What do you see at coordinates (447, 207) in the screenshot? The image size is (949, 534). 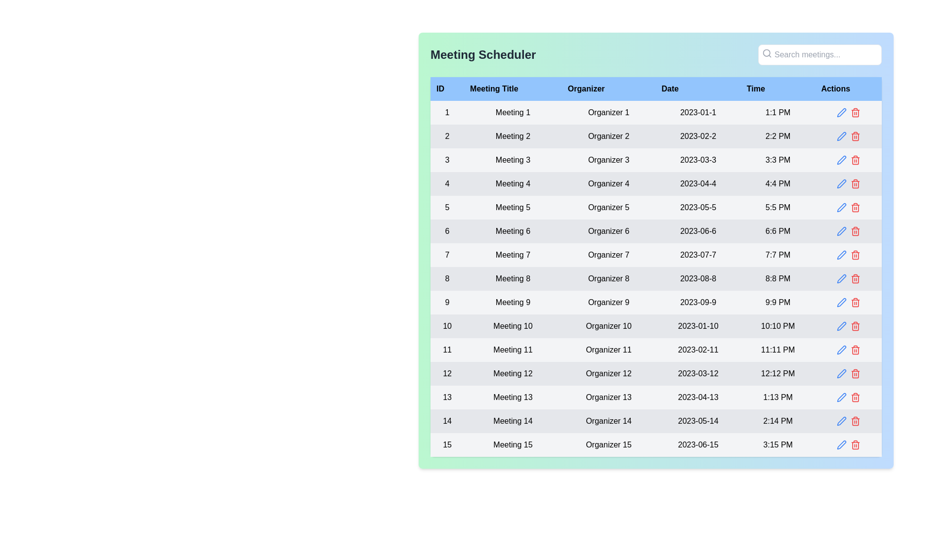 I see `the text label that uniquely identifies row number five in the grid layout, located in the first column and adjacent to 'Meeting 5'` at bounding box center [447, 207].